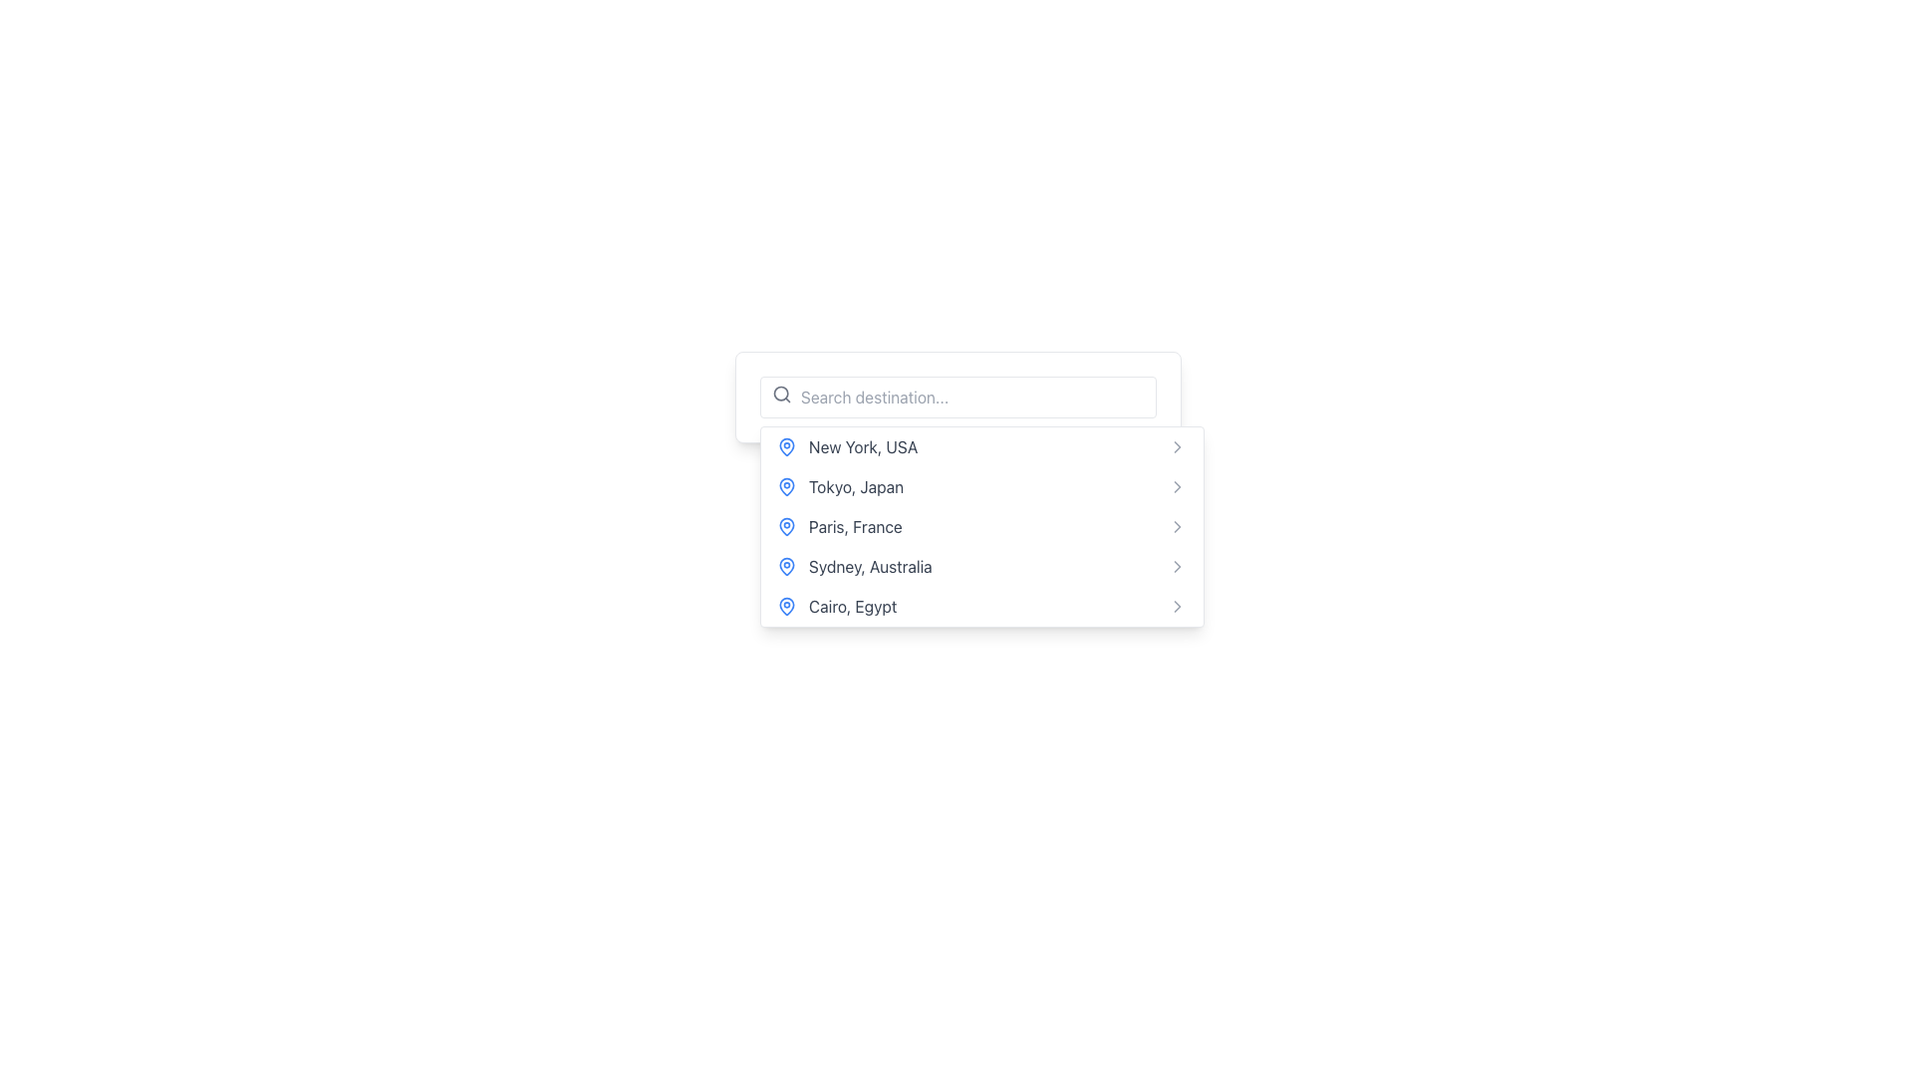 The width and height of the screenshot is (1913, 1076). I want to click on the dropdown menu item, so click(837, 606).